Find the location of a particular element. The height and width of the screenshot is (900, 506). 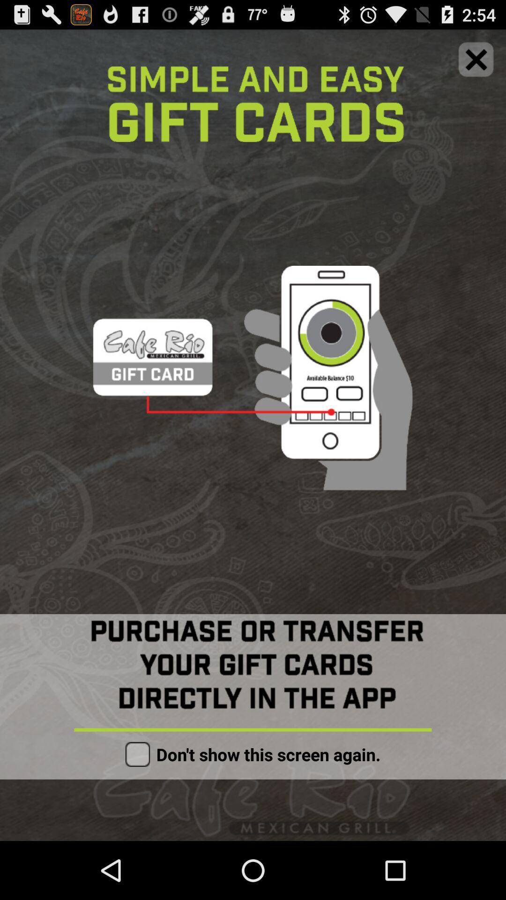

mark box for option is located at coordinates (137, 754).